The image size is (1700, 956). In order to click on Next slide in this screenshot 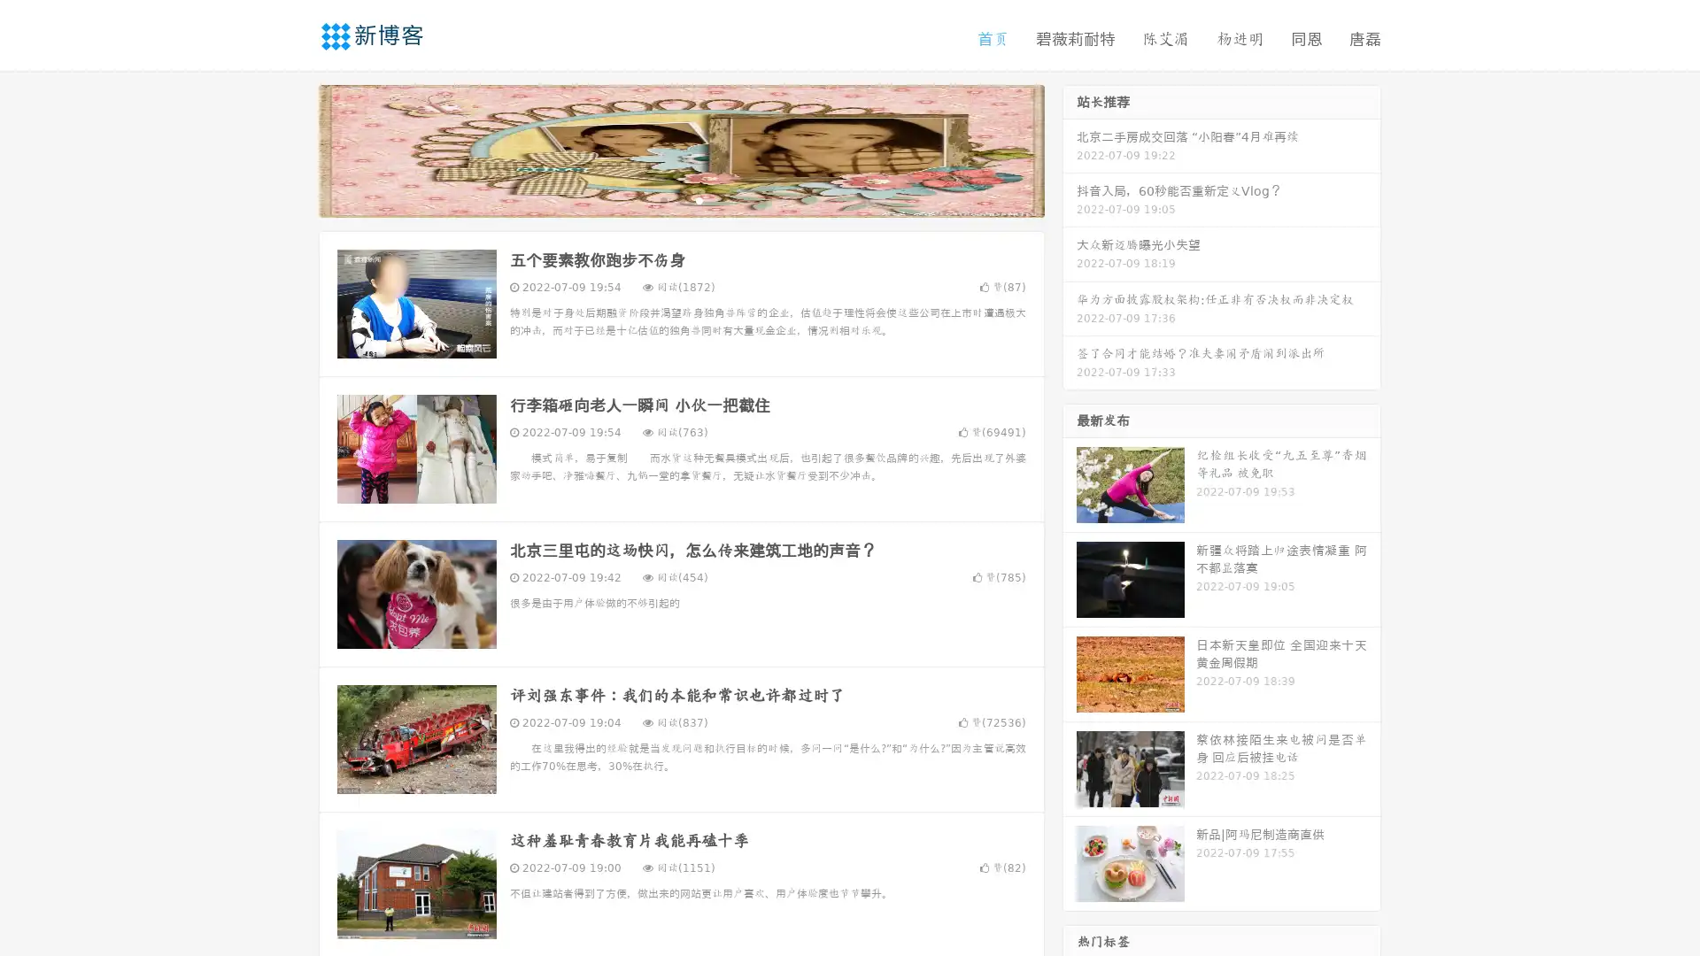, I will do `click(1070, 149)`.